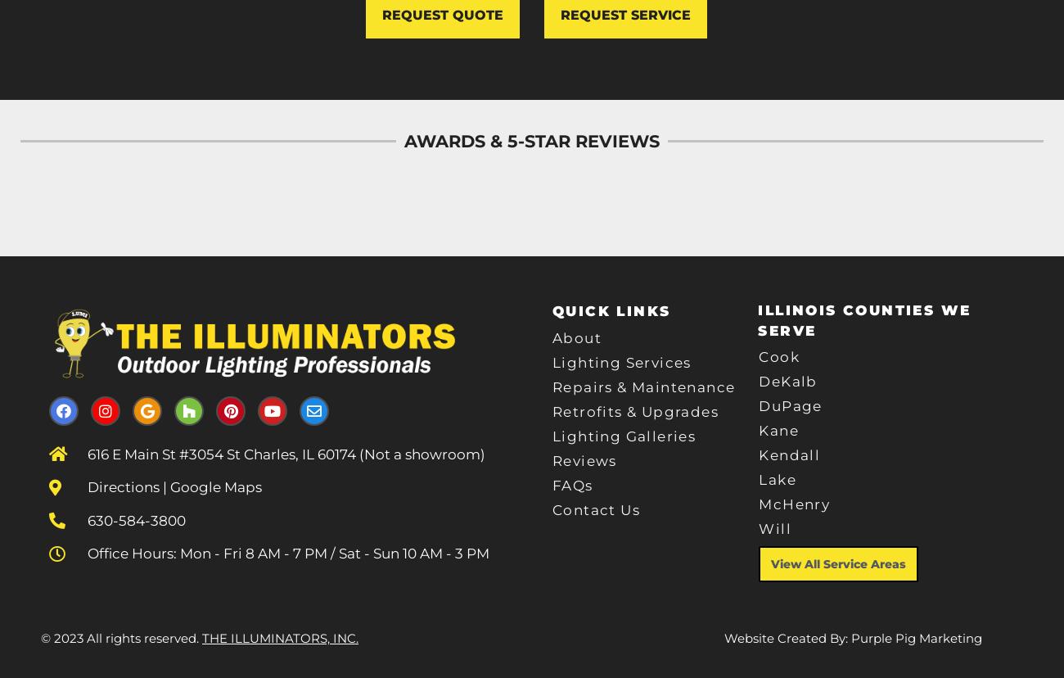  I want to click on 'Reviews', so click(551, 461).